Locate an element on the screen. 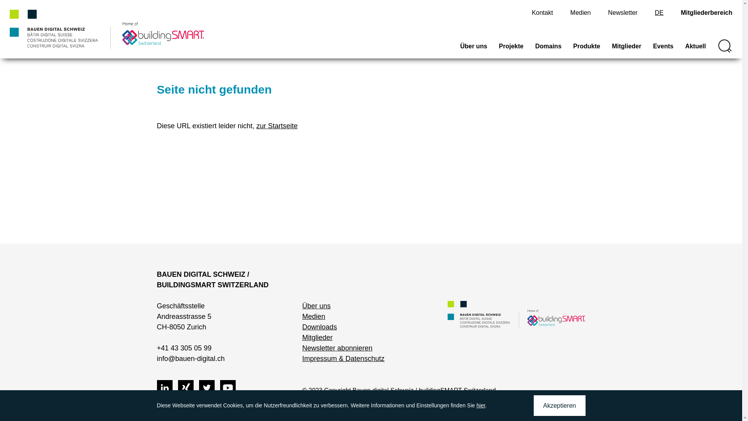 This screenshot has height=421, width=748. 'zur Startseite' is located at coordinates (277, 126).